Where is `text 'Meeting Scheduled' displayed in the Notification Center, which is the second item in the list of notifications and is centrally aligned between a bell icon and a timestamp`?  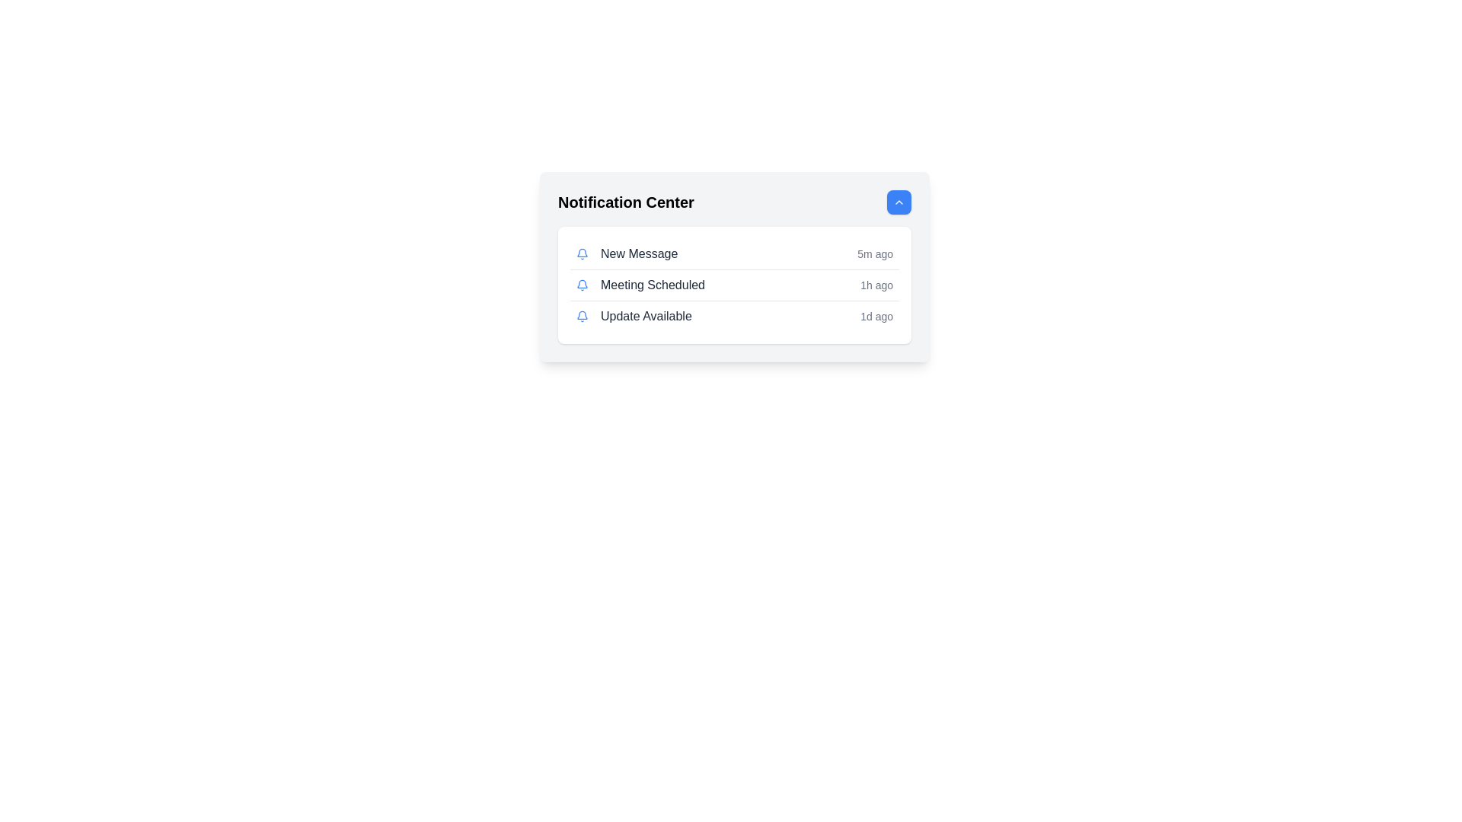
text 'Meeting Scheduled' displayed in the Notification Center, which is the second item in the list of notifications and is centrally aligned between a bell icon and a timestamp is located at coordinates (653, 285).